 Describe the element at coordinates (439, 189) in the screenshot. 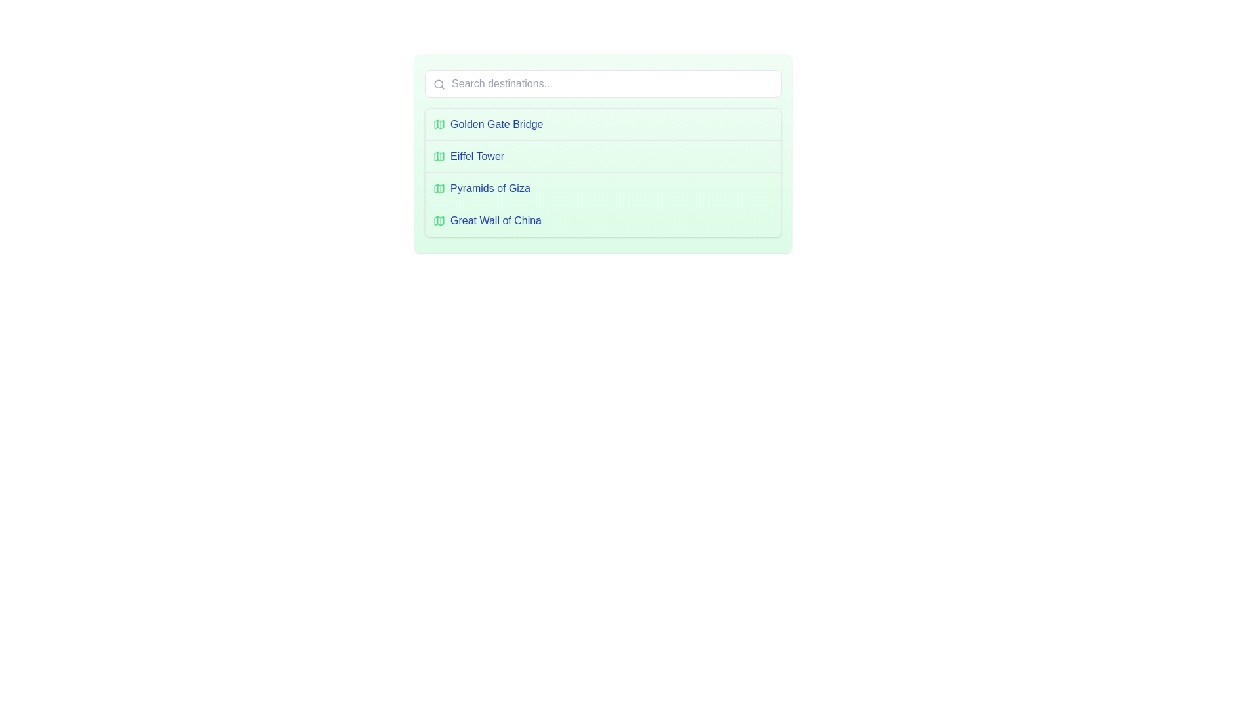

I see `the icon representing location-related information for the 'Pyramids of Giza', which is located to the left of the text in the third row of the list` at that location.